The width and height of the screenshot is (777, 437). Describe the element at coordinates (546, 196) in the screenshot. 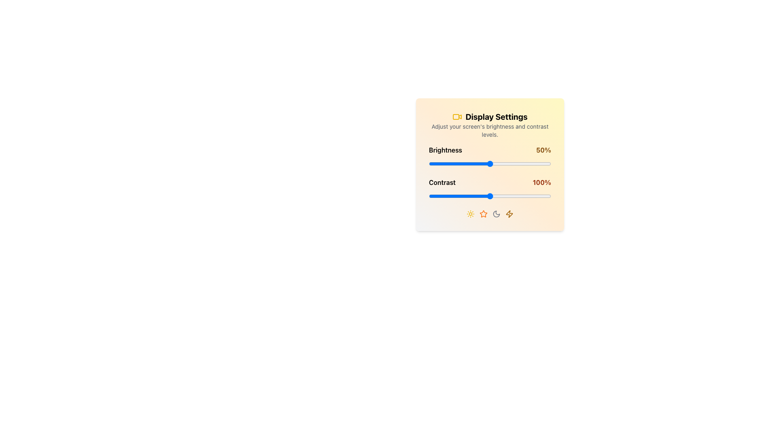

I see `contrast` at that location.